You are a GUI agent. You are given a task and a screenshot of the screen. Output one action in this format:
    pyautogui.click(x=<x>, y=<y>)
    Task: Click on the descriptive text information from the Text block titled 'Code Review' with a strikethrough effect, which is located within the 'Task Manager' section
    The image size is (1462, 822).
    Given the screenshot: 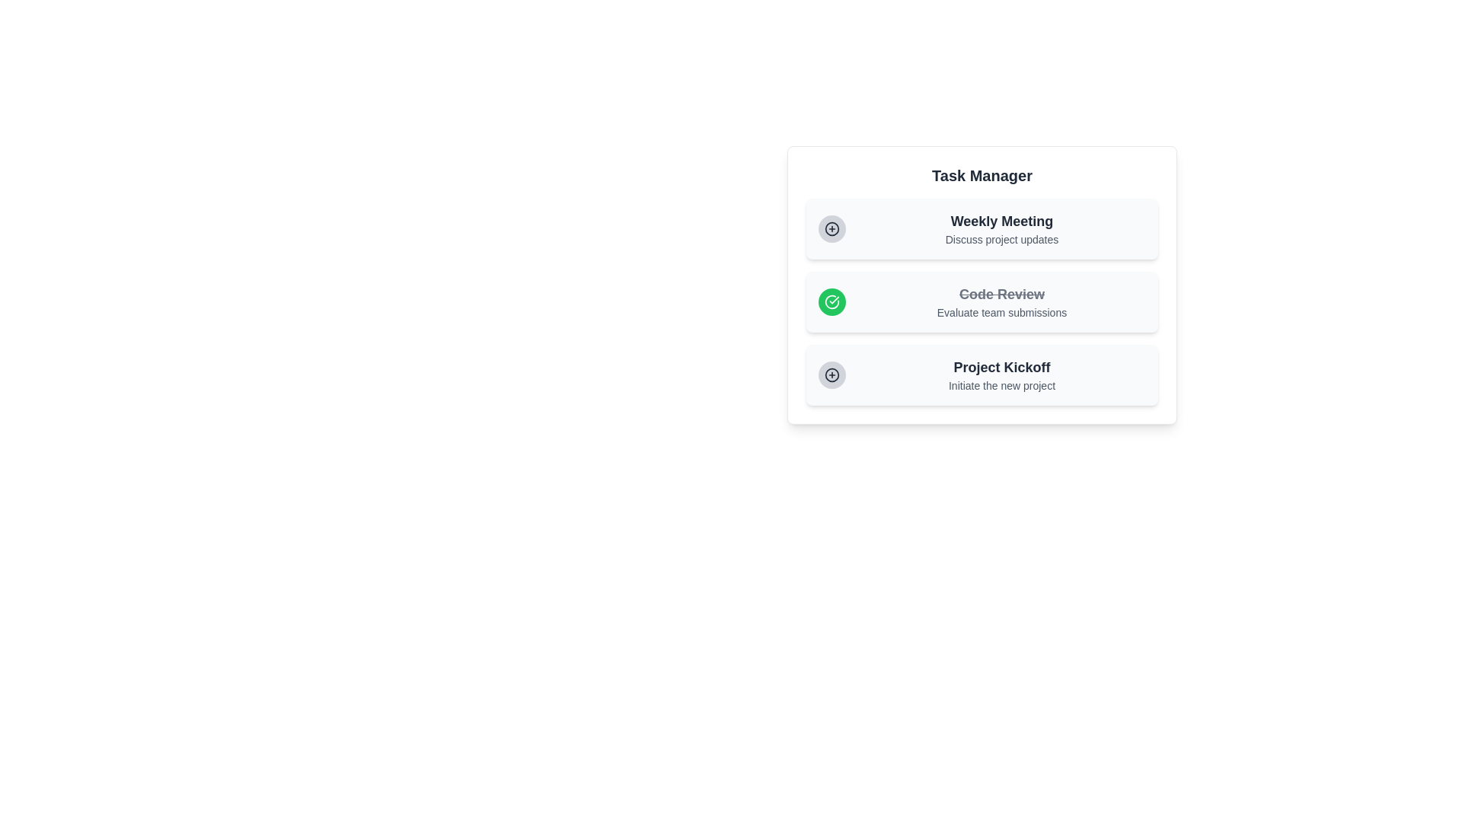 What is the action you would take?
    pyautogui.click(x=1001, y=302)
    